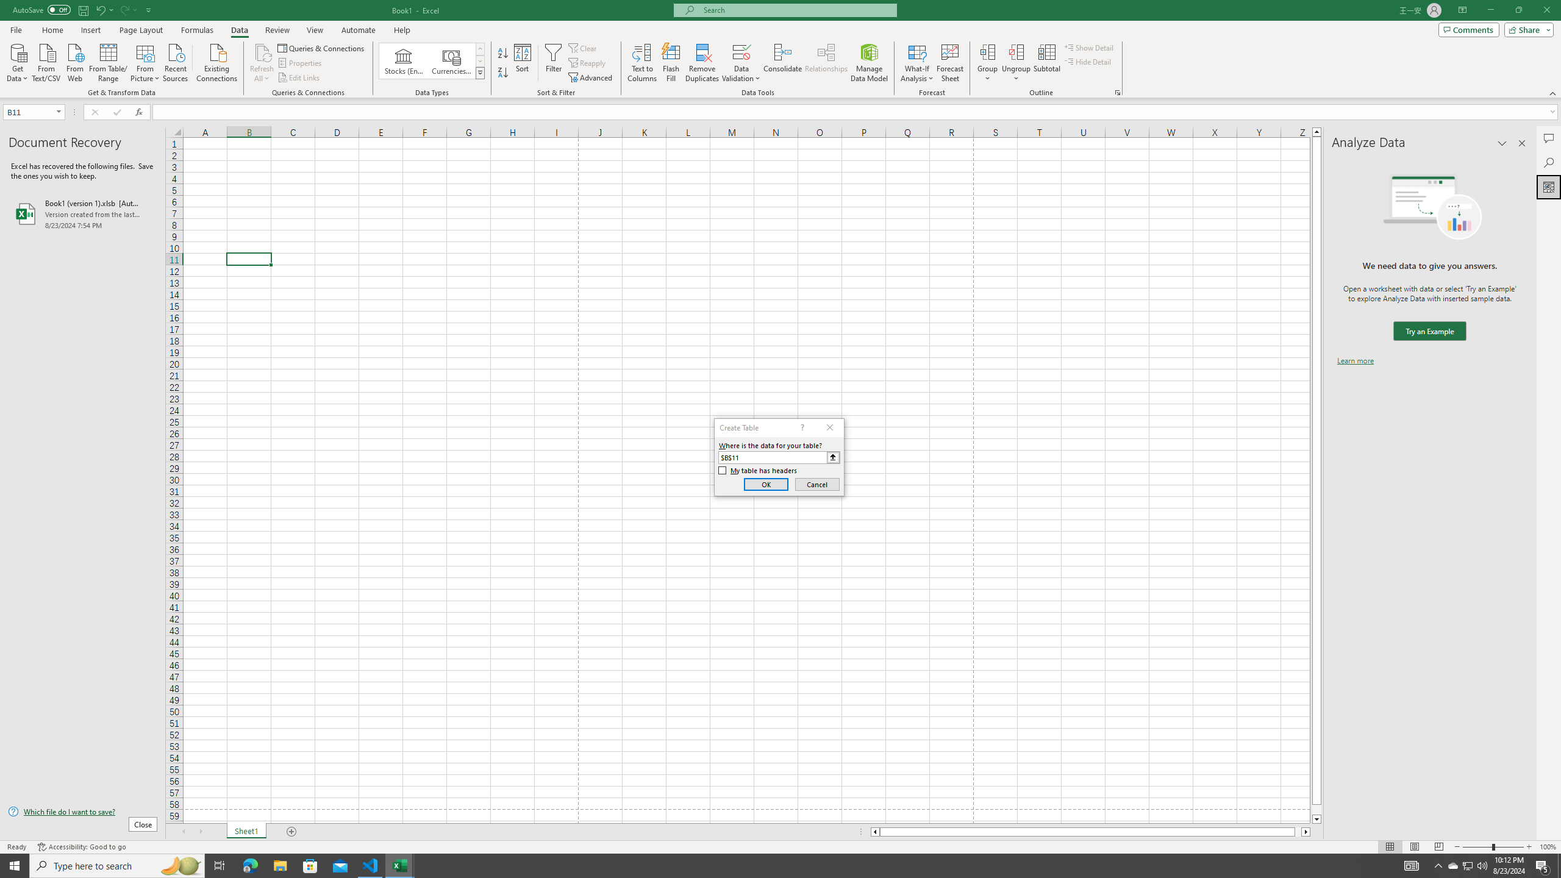 This screenshot has width=1561, height=878. What do you see at coordinates (702, 63) in the screenshot?
I see `'Remove Duplicates'` at bounding box center [702, 63].